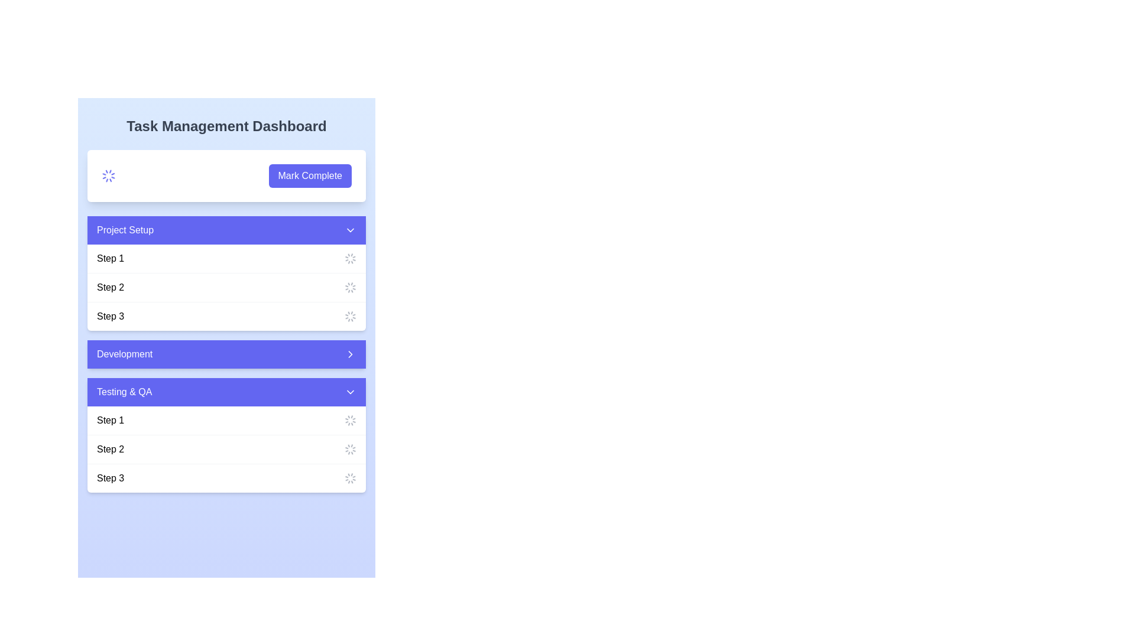 This screenshot has width=1135, height=638. What do you see at coordinates (111, 420) in the screenshot?
I see `the 'Step 1' label in bold black font located in the 'Testing & QA' section, which is the first item in the list` at bounding box center [111, 420].